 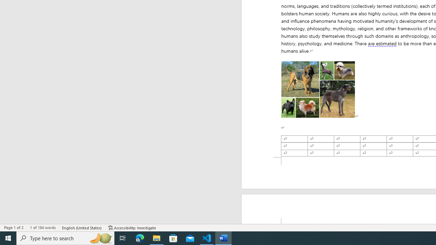 What do you see at coordinates (317, 89) in the screenshot?
I see `'Morphological variation in six dogs'` at bounding box center [317, 89].